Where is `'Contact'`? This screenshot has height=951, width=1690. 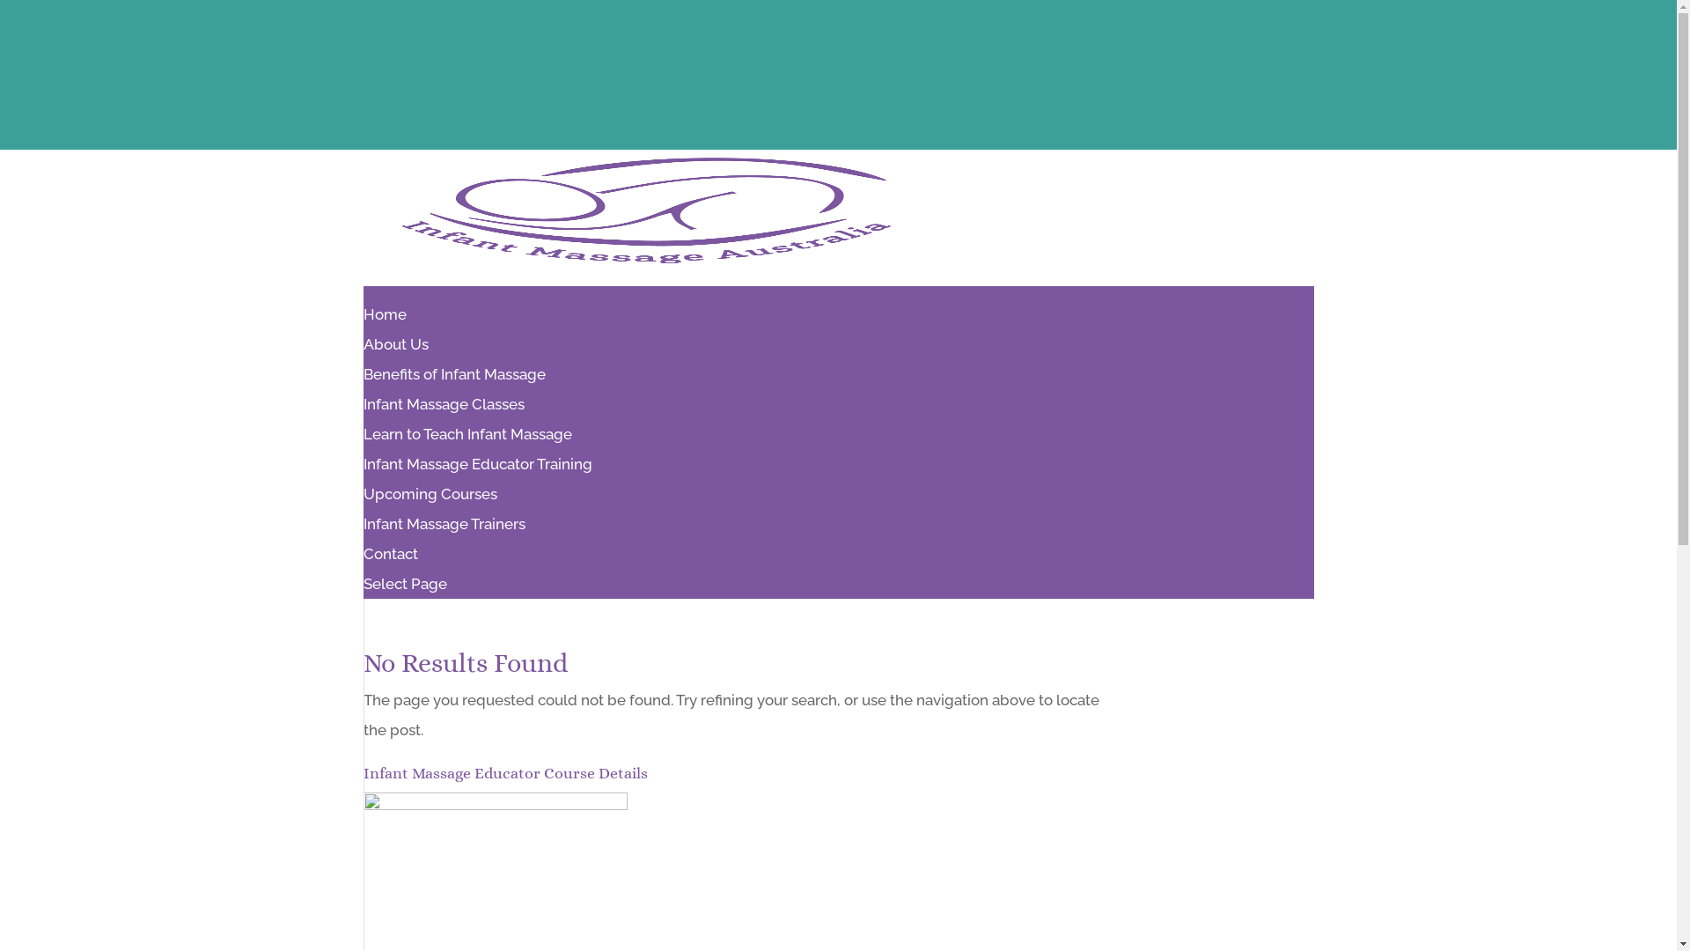
'Contact' is located at coordinates (362, 563).